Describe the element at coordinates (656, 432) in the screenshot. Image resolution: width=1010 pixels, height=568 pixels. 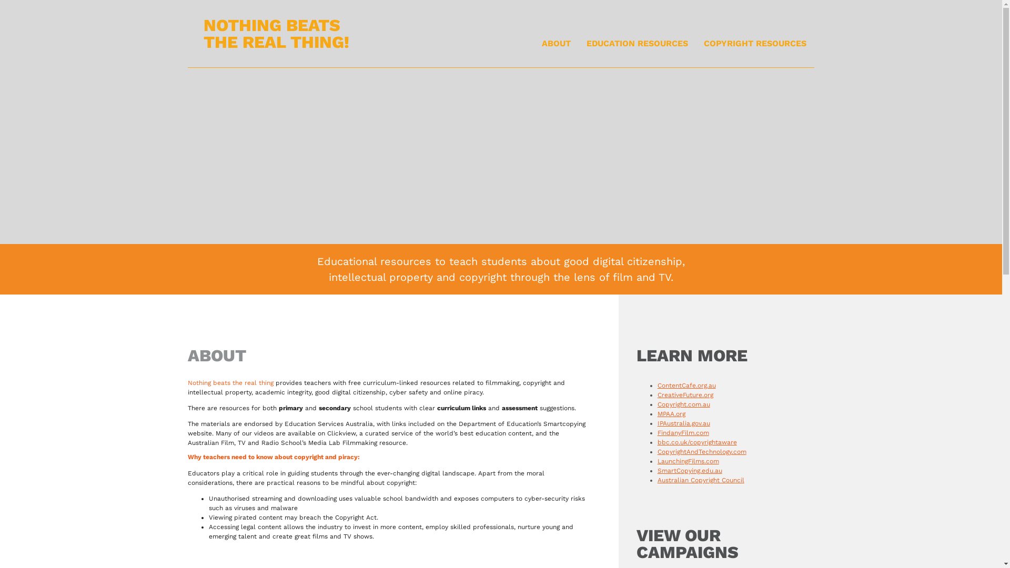
I see `'FindanyFilm.com'` at that location.